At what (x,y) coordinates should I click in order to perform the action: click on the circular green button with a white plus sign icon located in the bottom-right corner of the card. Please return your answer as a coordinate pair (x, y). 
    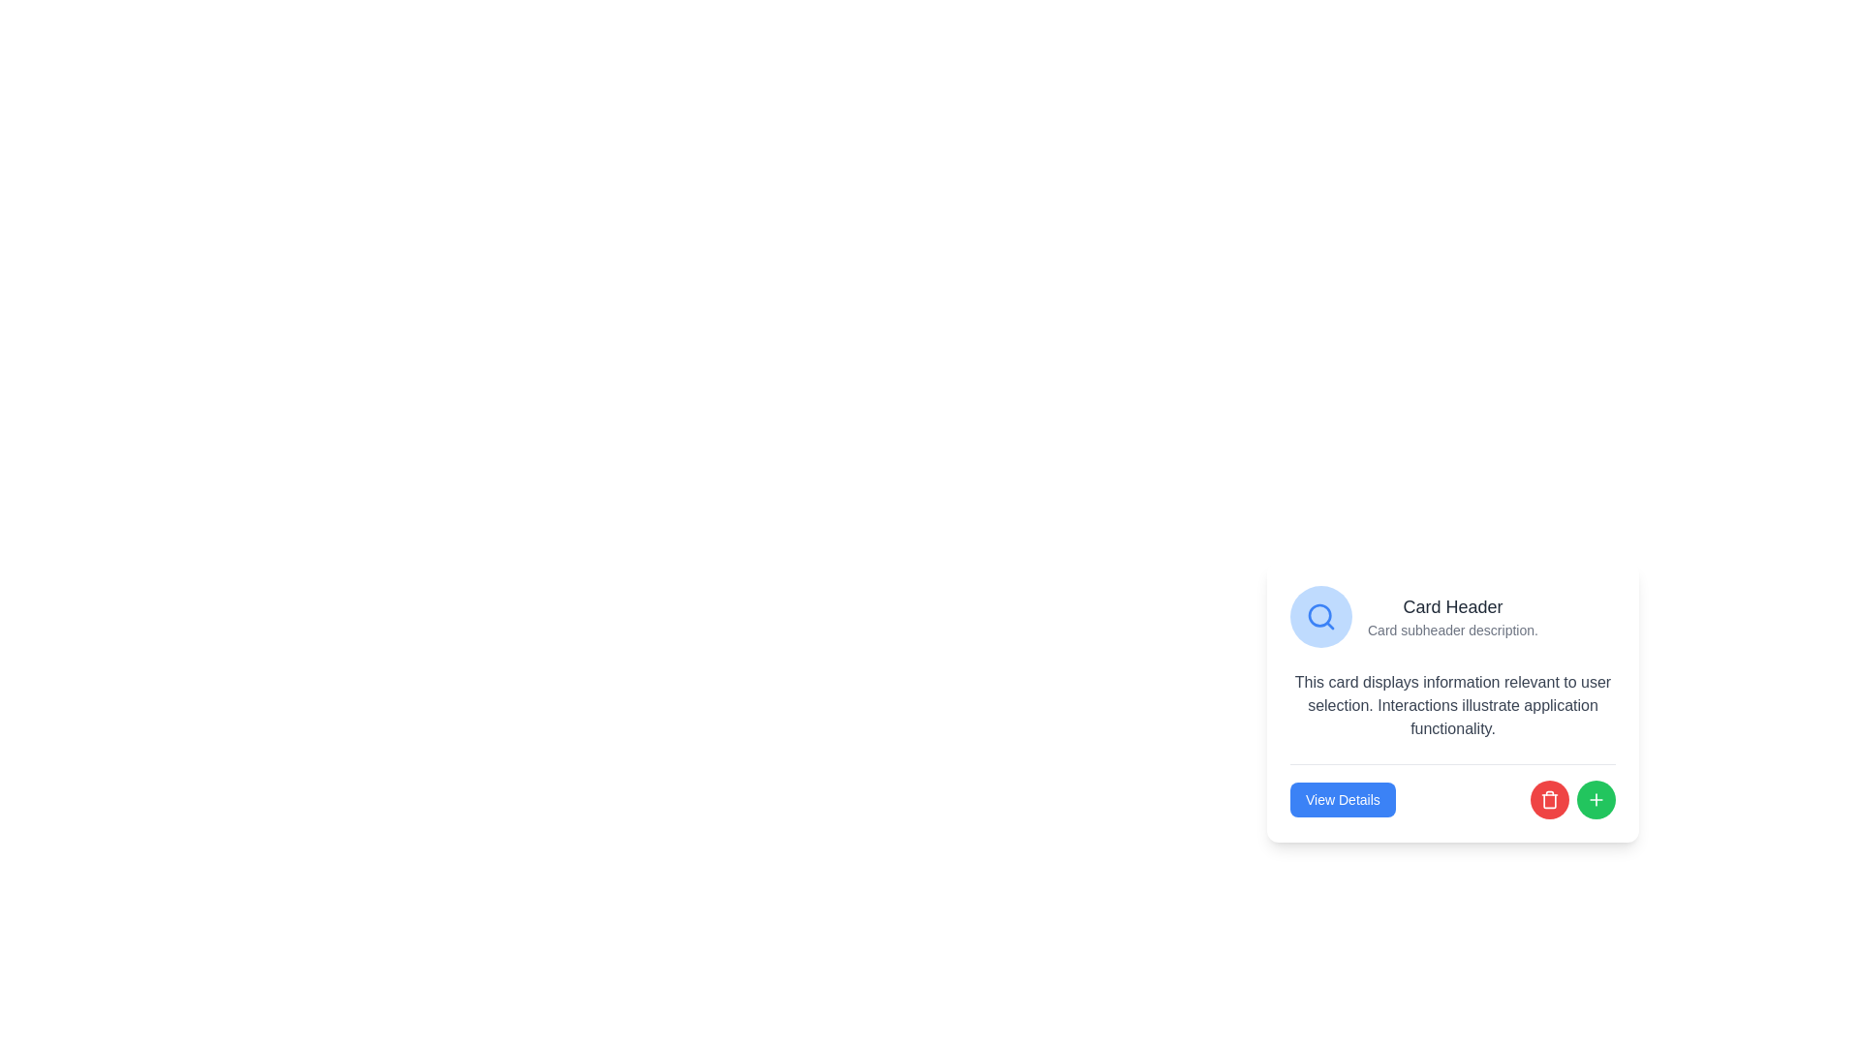
    Looking at the image, I should click on (1596, 799).